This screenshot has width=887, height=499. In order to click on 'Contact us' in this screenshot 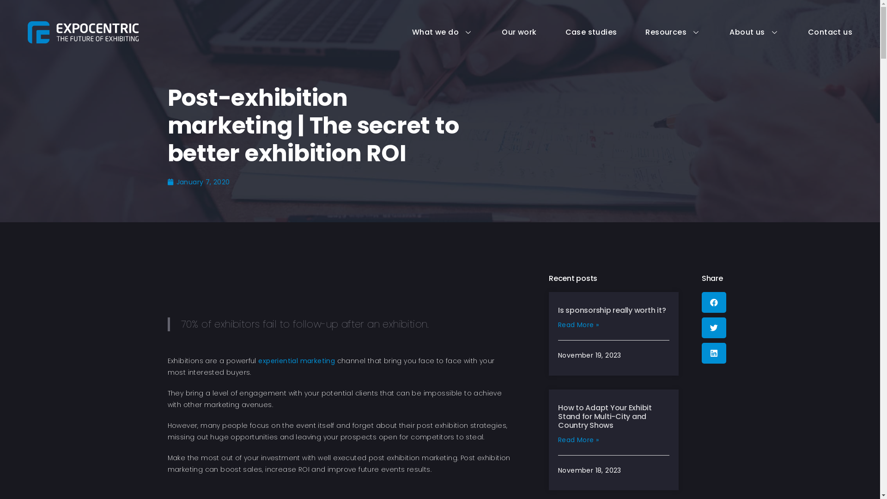, I will do `click(816, 31)`.